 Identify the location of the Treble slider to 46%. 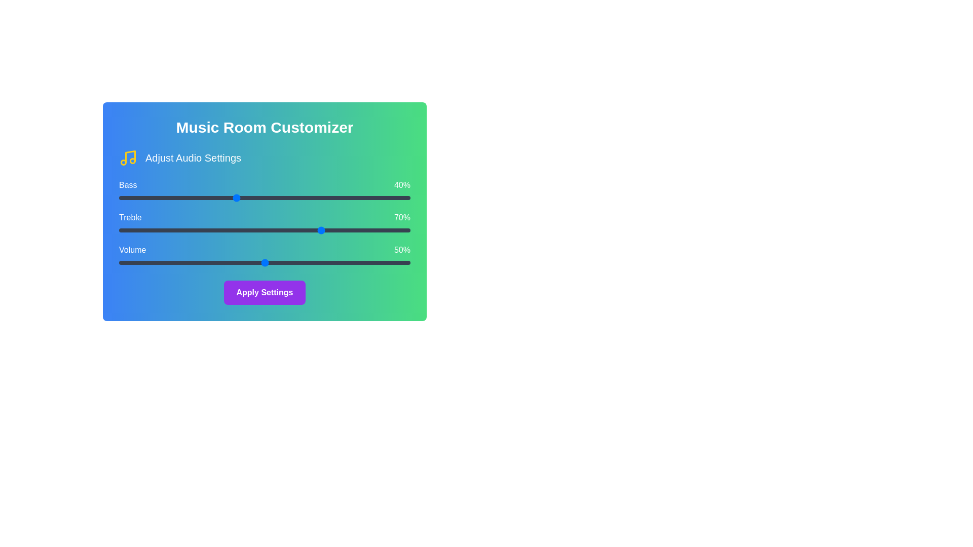
(253, 230).